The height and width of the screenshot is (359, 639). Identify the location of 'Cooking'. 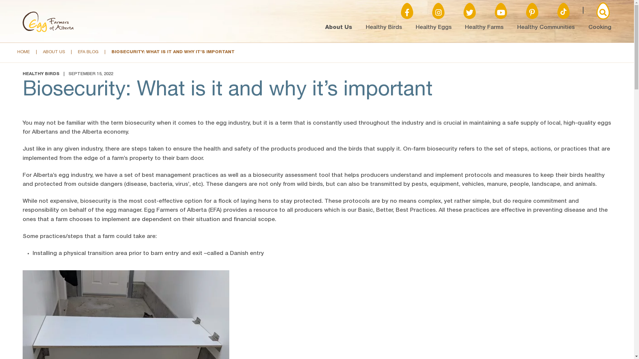
(600, 27).